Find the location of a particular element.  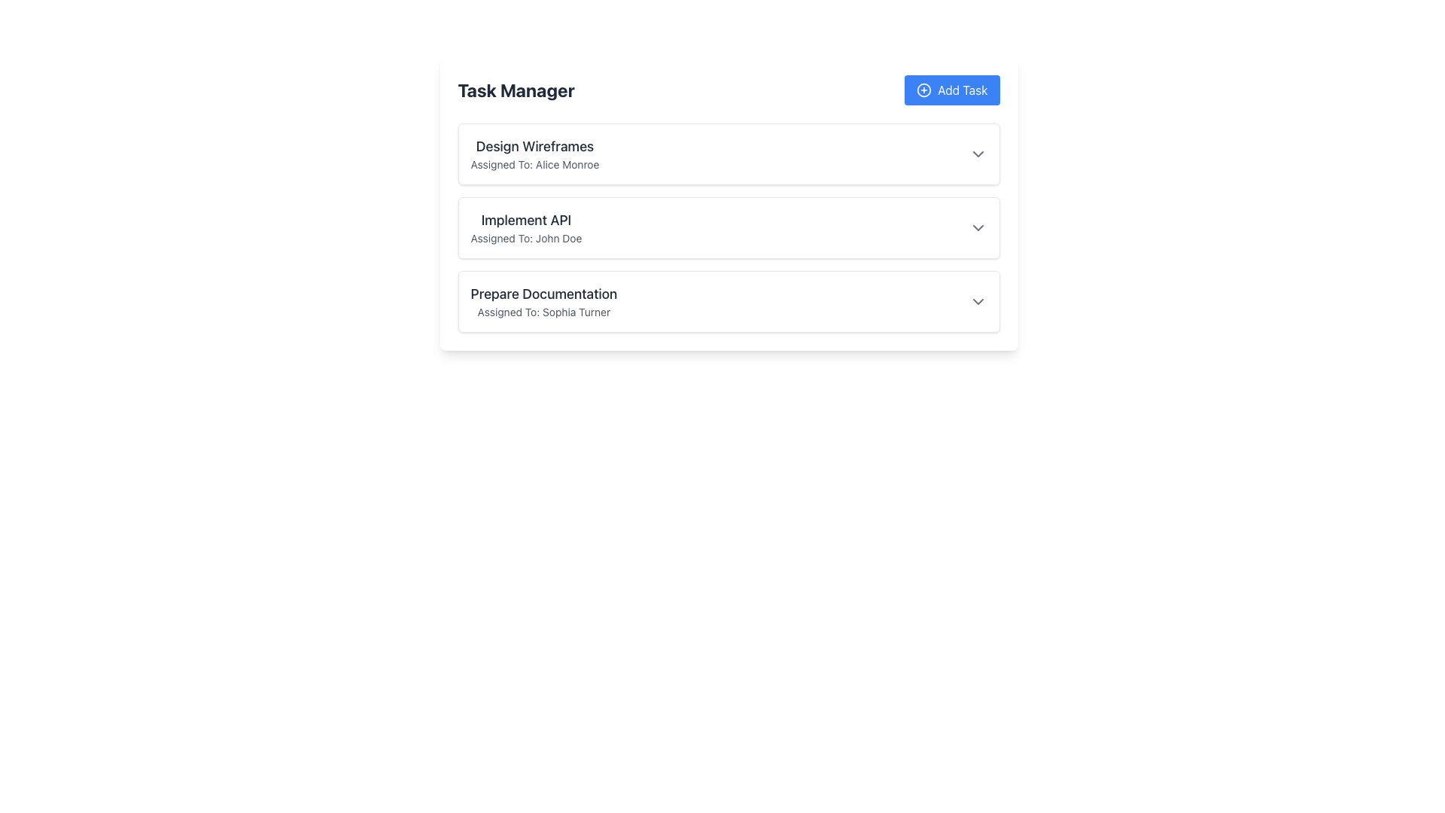

the task entry displaying 'Design Wireframes' assigned to 'Alice Monroe' is located at coordinates (729, 154).